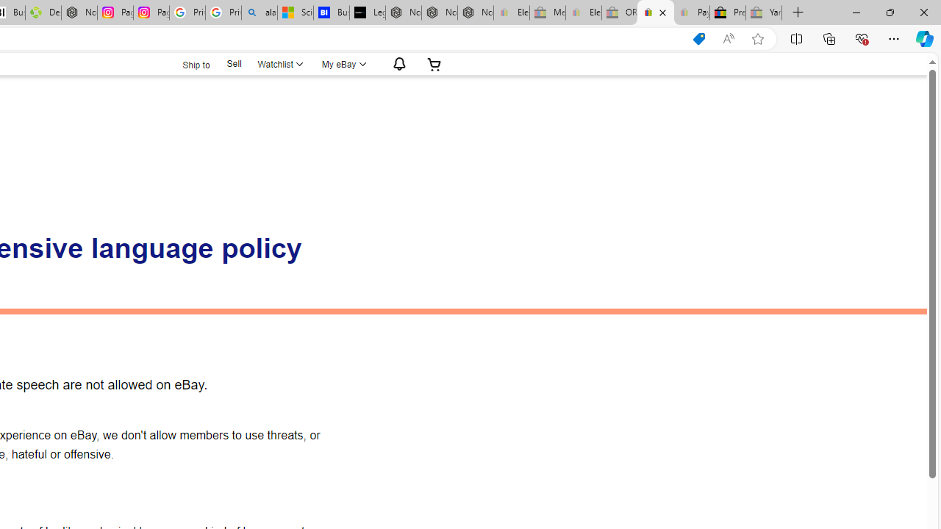 The image size is (941, 529). Describe the element at coordinates (728, 12) in the screenshot. I see `'Press Room - eBay Inc.'` at that location.